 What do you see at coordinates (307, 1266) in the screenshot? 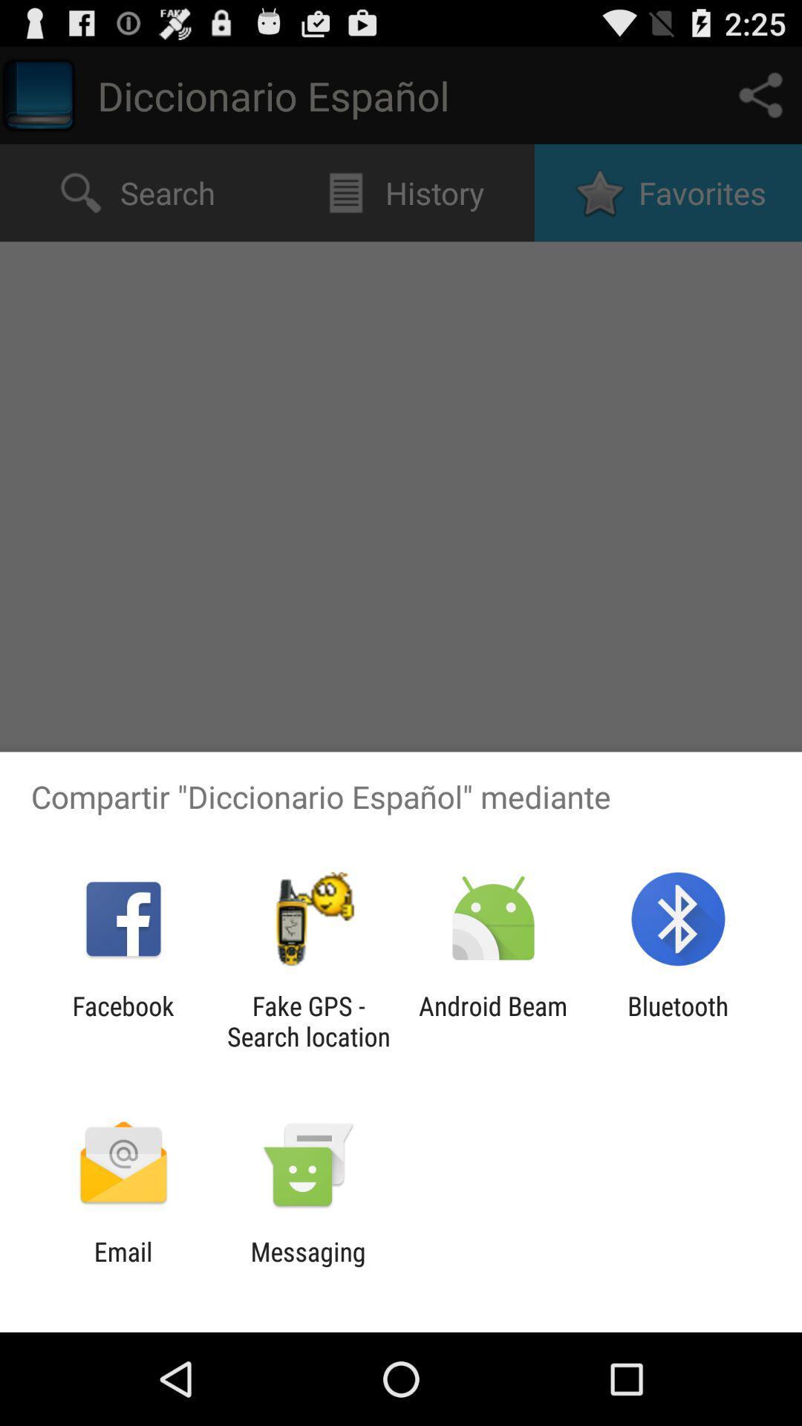
I see `messaging icon` at bounding box center [307, 1266].